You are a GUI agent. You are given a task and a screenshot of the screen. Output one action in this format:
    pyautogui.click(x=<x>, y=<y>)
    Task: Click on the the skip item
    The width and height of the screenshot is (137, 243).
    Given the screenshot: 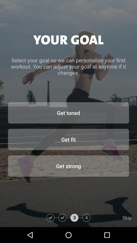 What is the action you would take?
    pyautogui.click(x=114, y=217)
    